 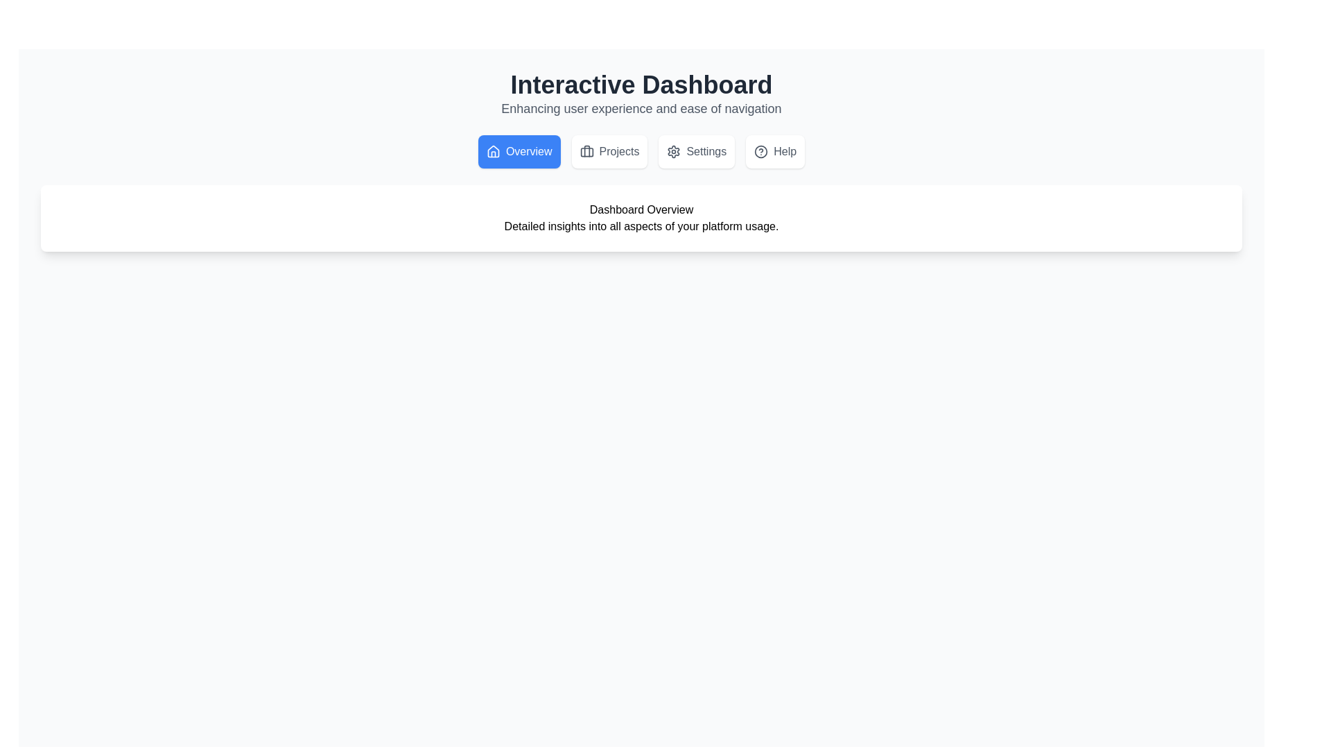 I want to click on the title Text element located at the top central section of the interface, just below the toolbar, which serves as a representation of the content below, so click(x=641, y=210).